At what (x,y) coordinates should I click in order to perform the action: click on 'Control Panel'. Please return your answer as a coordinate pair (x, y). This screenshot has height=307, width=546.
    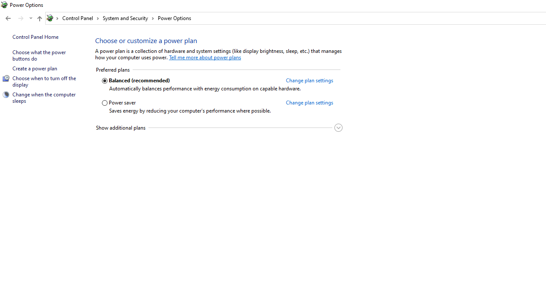
    Looking at the image, I should click on (81, 18).